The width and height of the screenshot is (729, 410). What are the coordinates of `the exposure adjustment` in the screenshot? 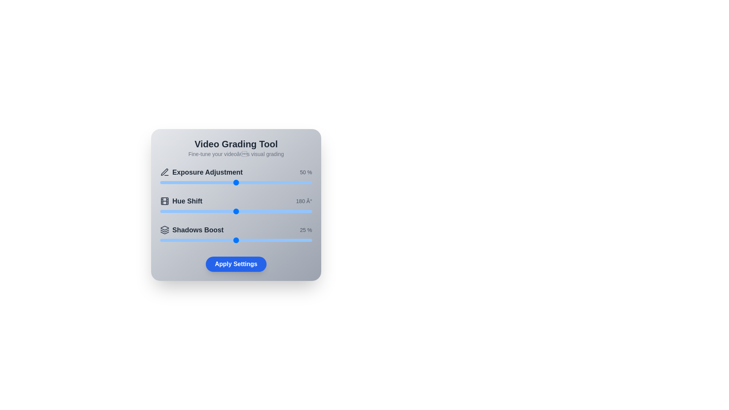 It's located at (262, 183).